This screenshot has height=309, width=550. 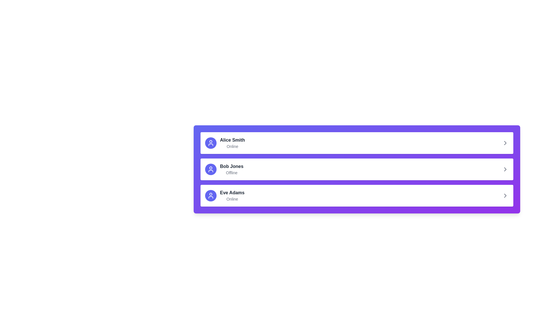 What do you see at coordinates (232, 195) in the screenshot?
I see `the text display component showing the online status of user Eve Adams, located in the third row of the list` at bounding box center [232, 195].